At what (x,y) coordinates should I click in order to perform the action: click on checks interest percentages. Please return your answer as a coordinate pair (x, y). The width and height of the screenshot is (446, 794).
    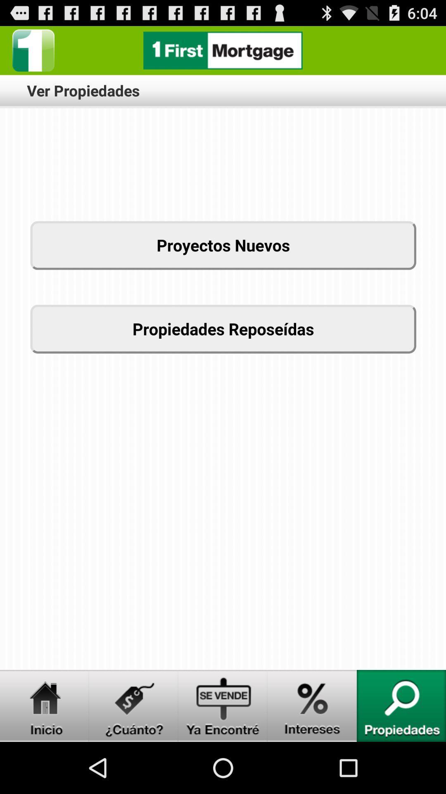
    Looking at the image, I should click on (312, 706).